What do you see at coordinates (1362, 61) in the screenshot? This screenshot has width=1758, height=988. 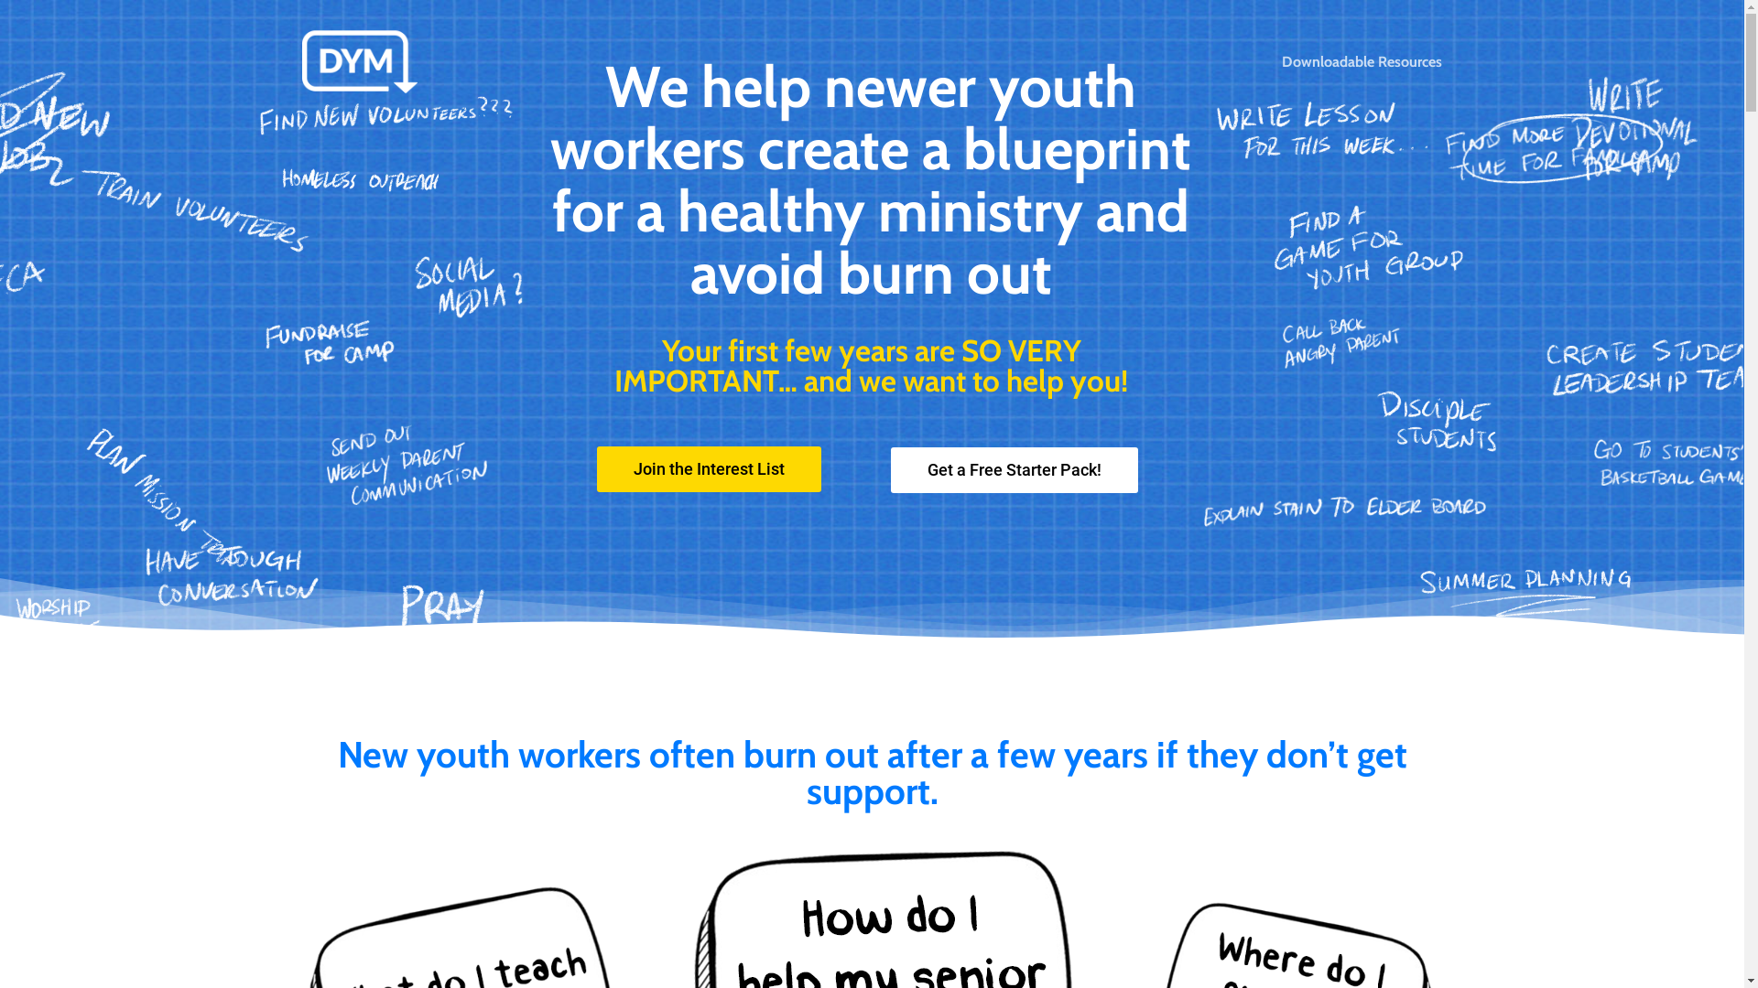 I see `'Downloadable Resources'` at bounding box center [1362, 61].